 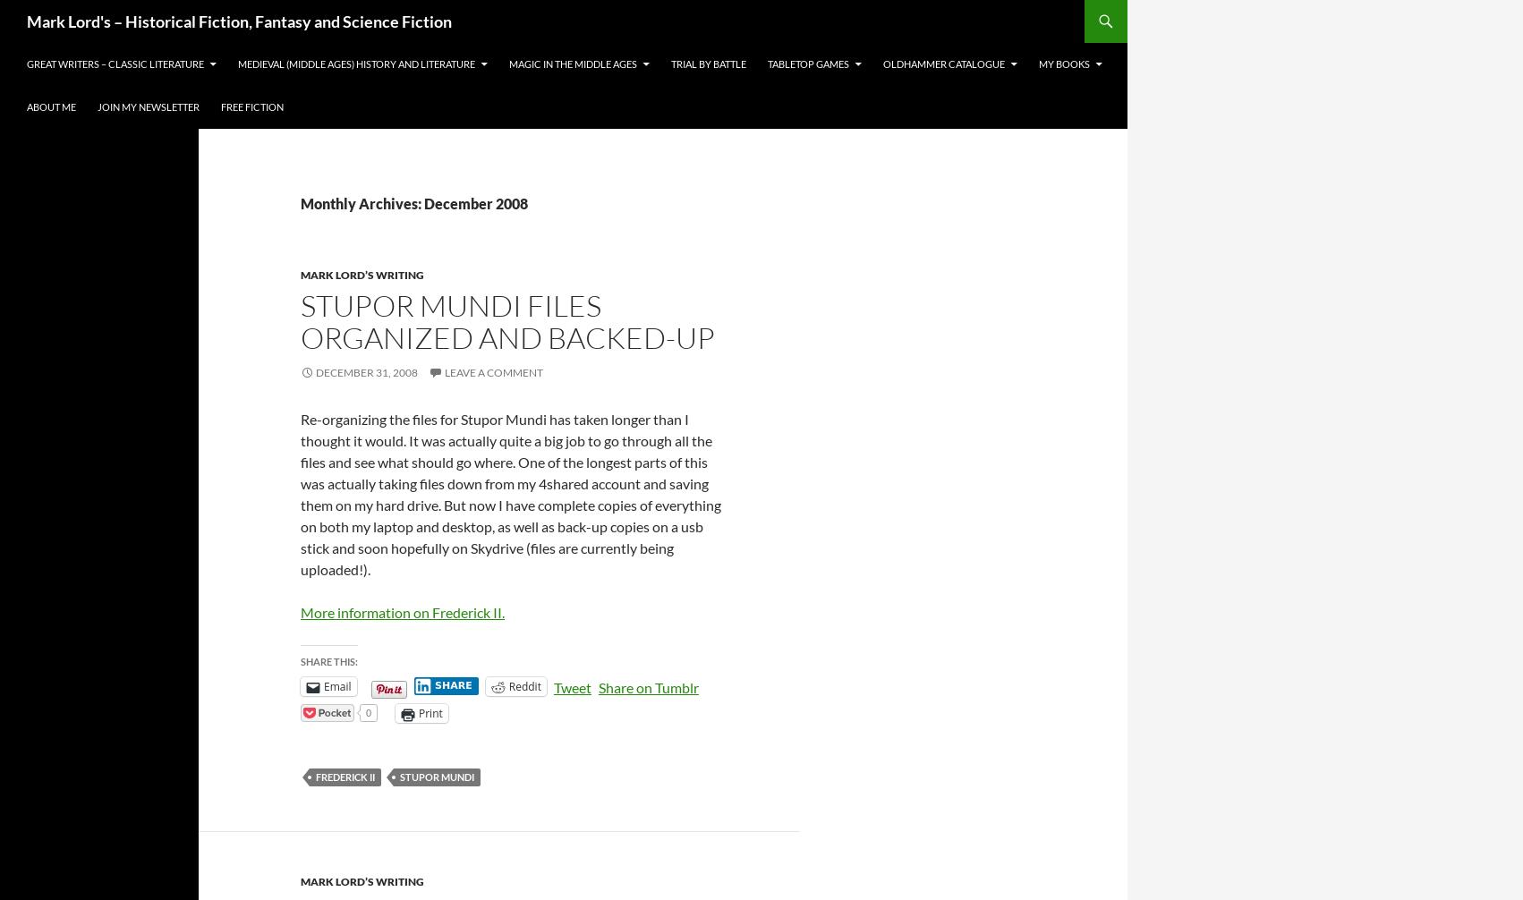 What do you see at coordinates (523, 685) in the screenshot?
I see `'Reddit'` at bounding box center [523, 685].